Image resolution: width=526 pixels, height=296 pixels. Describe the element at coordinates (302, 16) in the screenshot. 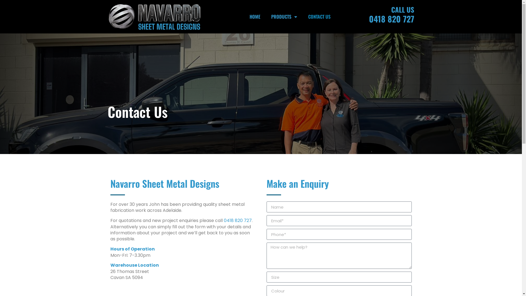

I see `'CONTACT US'` at that location.